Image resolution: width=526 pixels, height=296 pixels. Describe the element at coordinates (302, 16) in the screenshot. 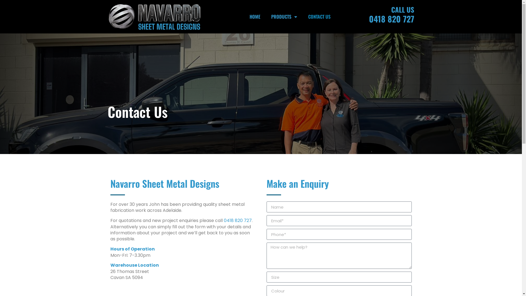

I see `'CONTACT US'` at that location.